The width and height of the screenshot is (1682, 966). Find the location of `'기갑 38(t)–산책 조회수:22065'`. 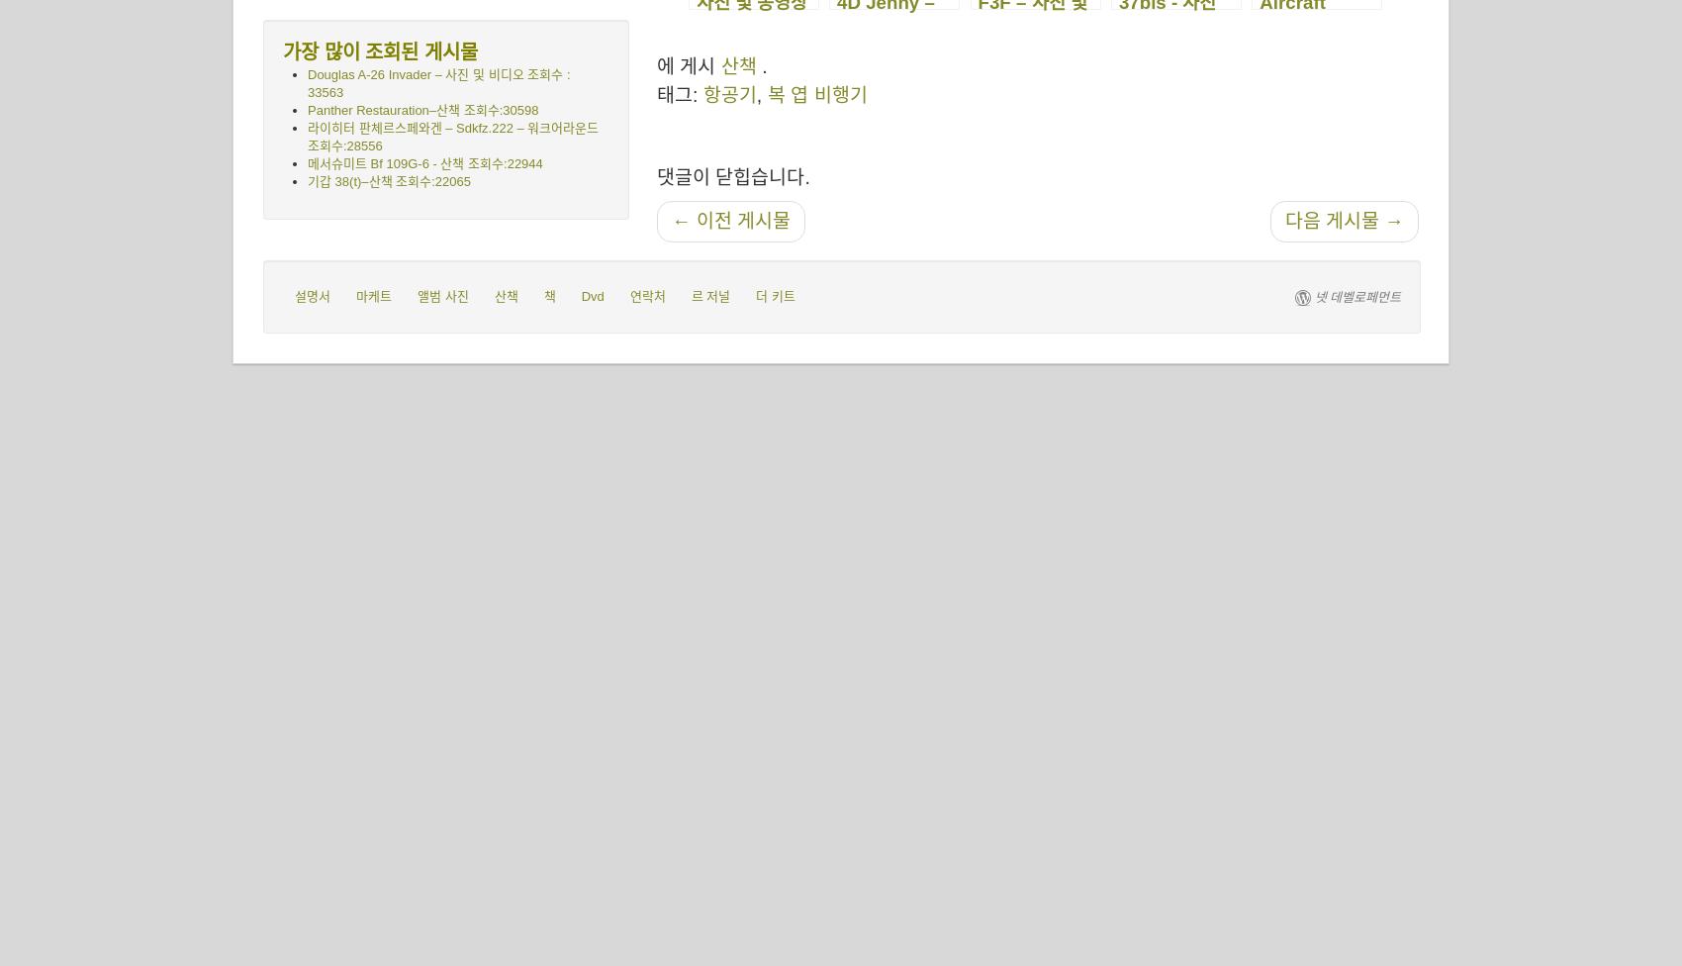

'기갑 38(t)–산책 조회수:22065' is located at coordinates (307, 180).